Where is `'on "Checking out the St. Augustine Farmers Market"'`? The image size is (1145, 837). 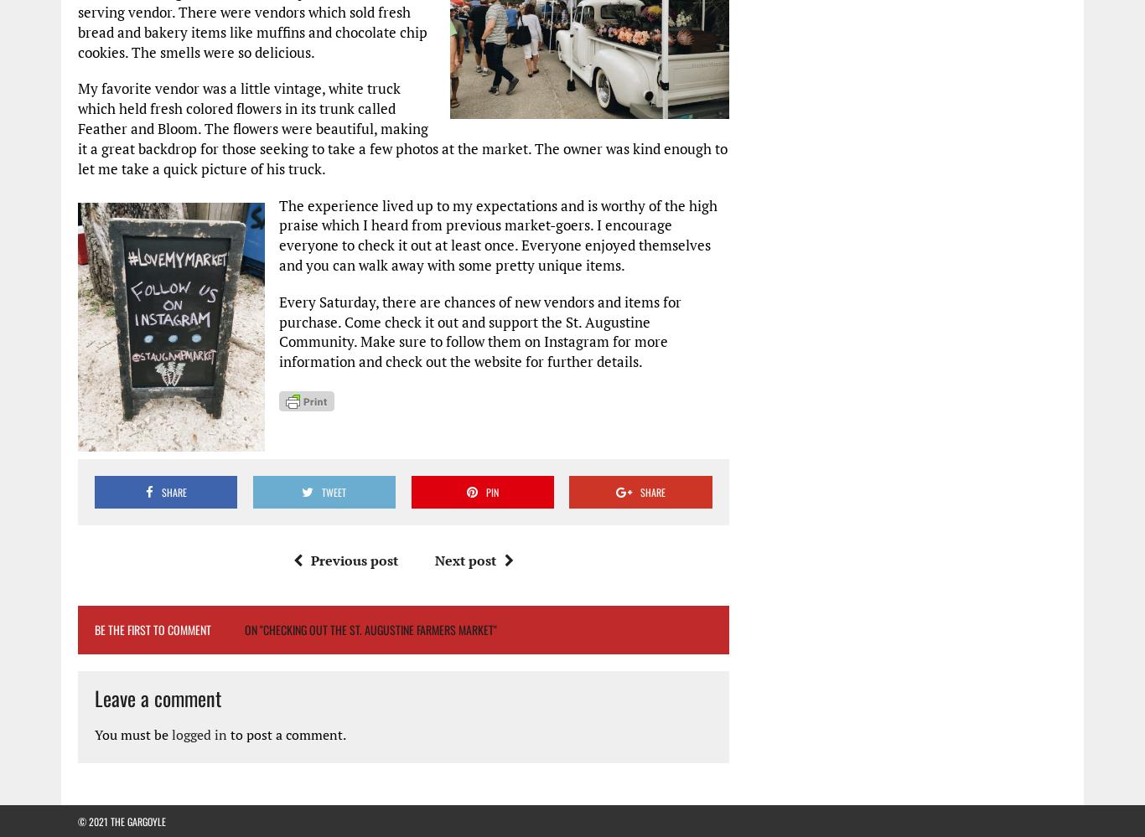 'on "Checking out the St. Augustine Farmers Market"' is located at coordinates (370, 628).